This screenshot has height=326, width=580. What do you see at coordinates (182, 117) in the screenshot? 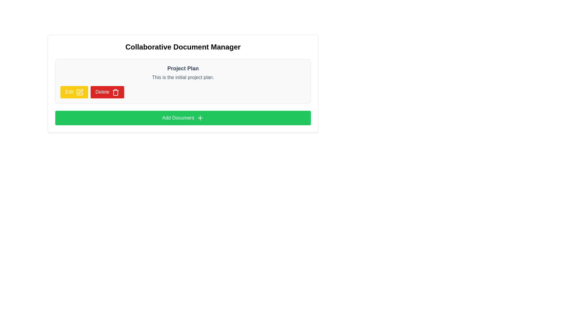
I see `the 'Add Document' button with a bold green background and white text, located at the bottom of the 'Collaborative Document Manager' card` at bounding box center [182, 117].